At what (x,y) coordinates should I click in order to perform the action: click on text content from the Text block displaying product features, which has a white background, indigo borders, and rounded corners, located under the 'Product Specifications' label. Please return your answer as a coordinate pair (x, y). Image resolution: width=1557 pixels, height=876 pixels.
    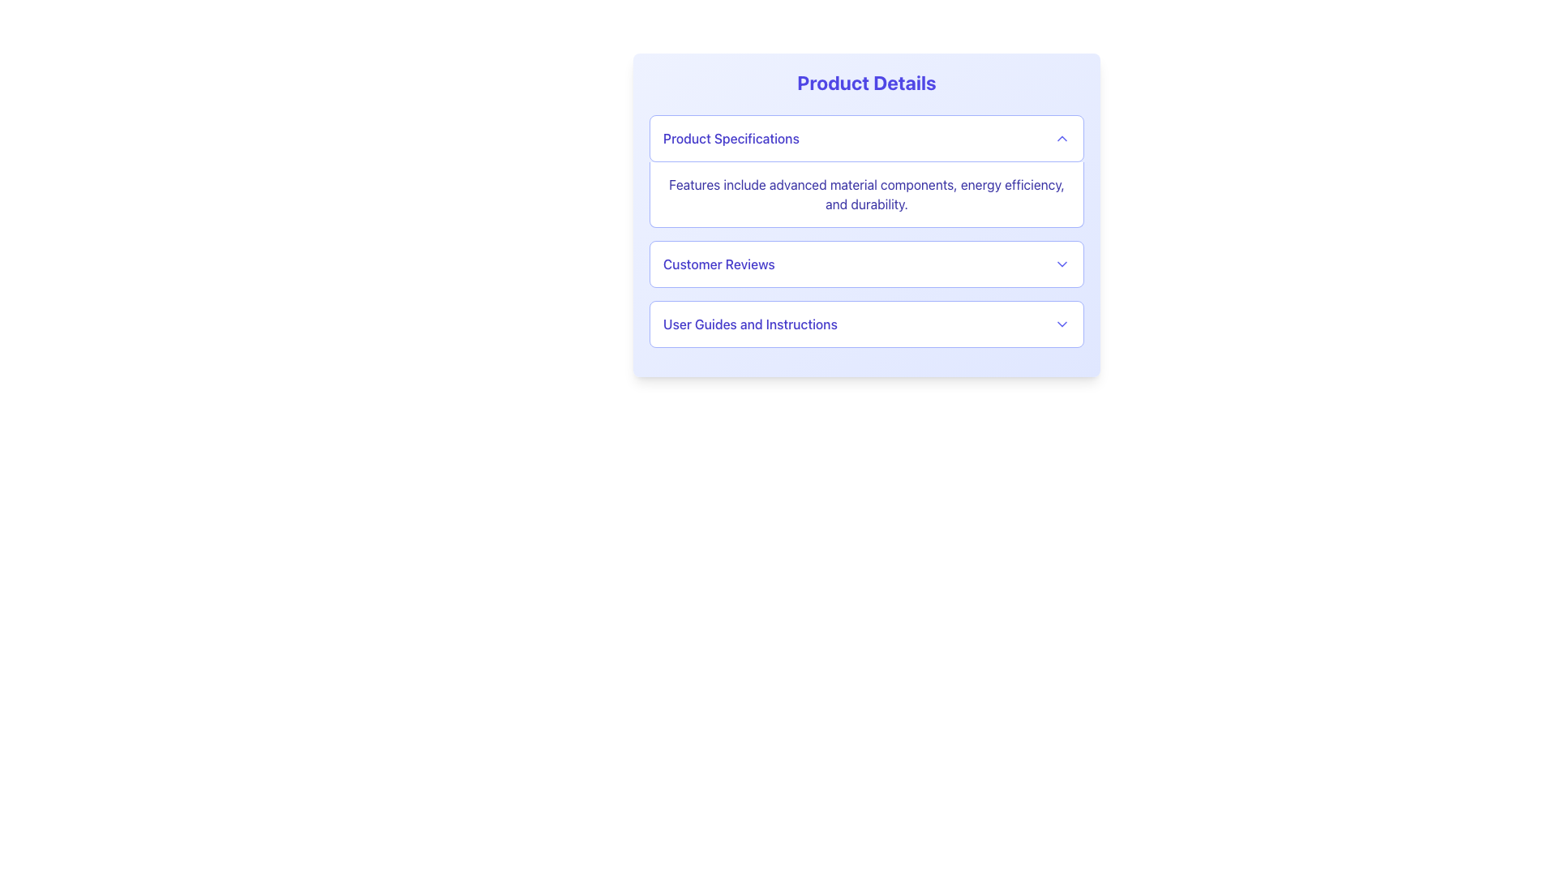
    Looking at the image, I should click on (866, 194).